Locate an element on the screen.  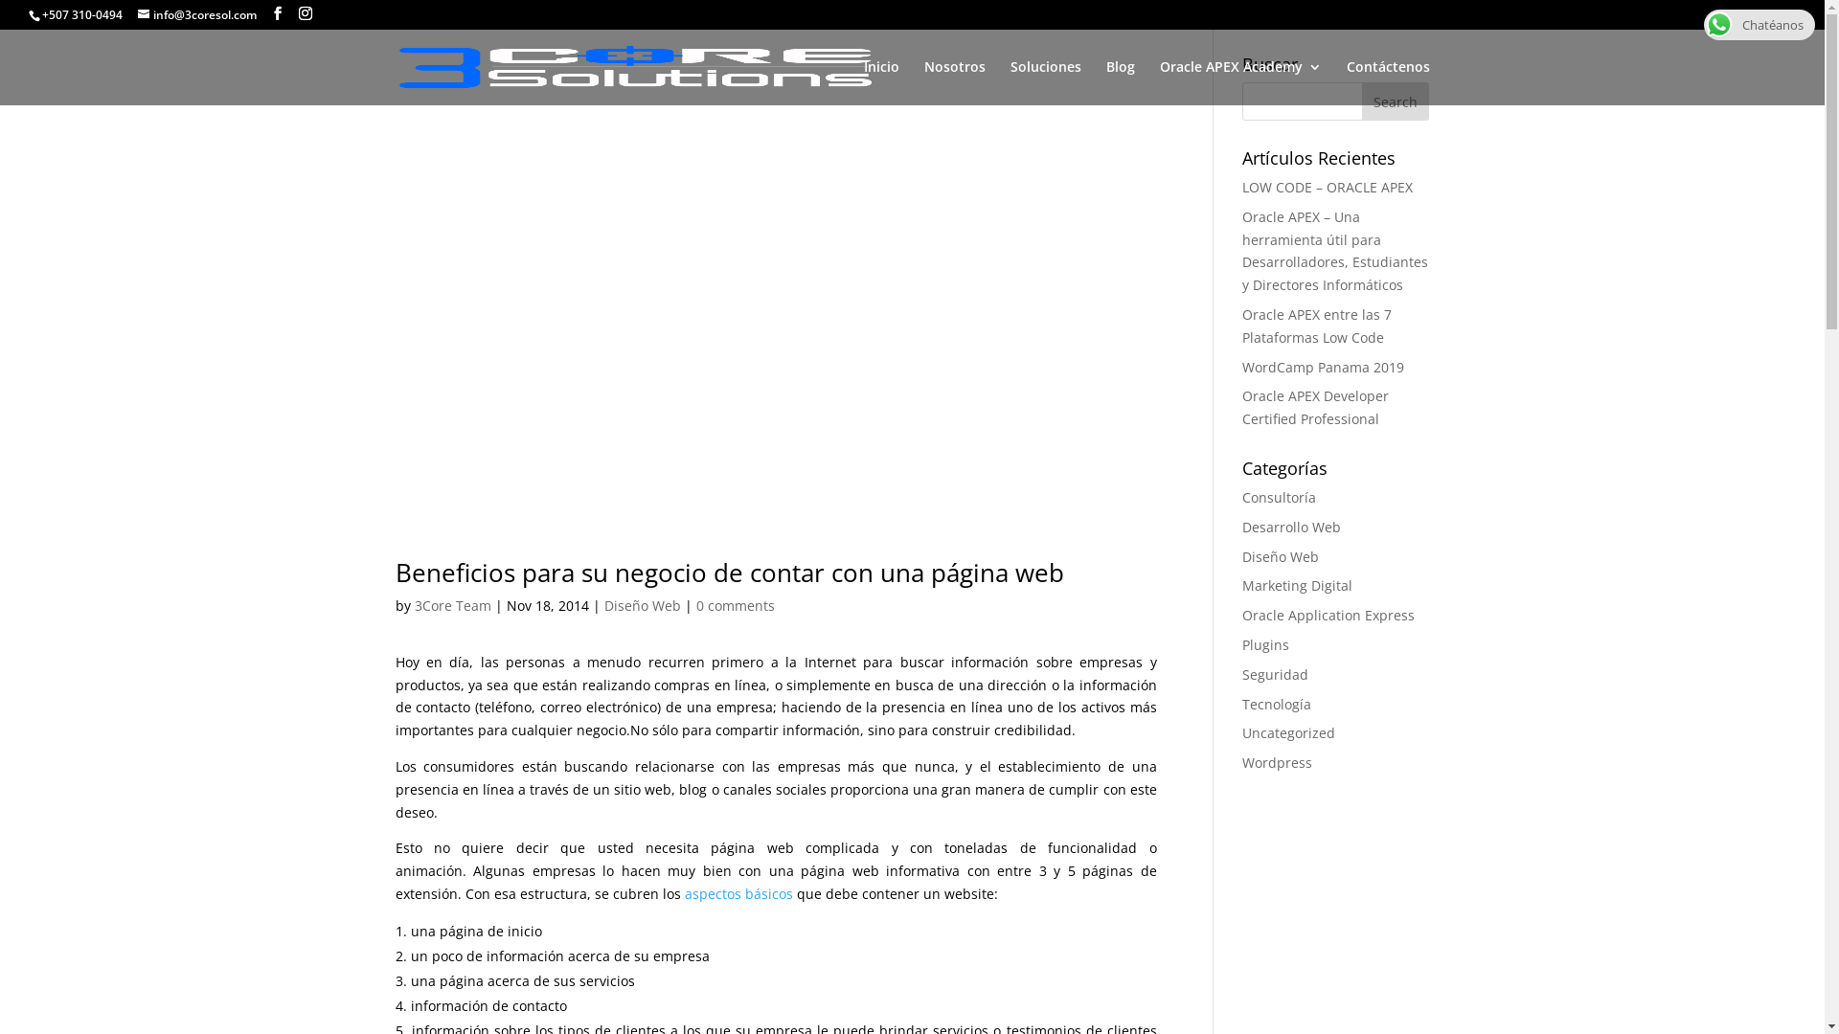
'Blog' is located at coordinates (1120, 81).